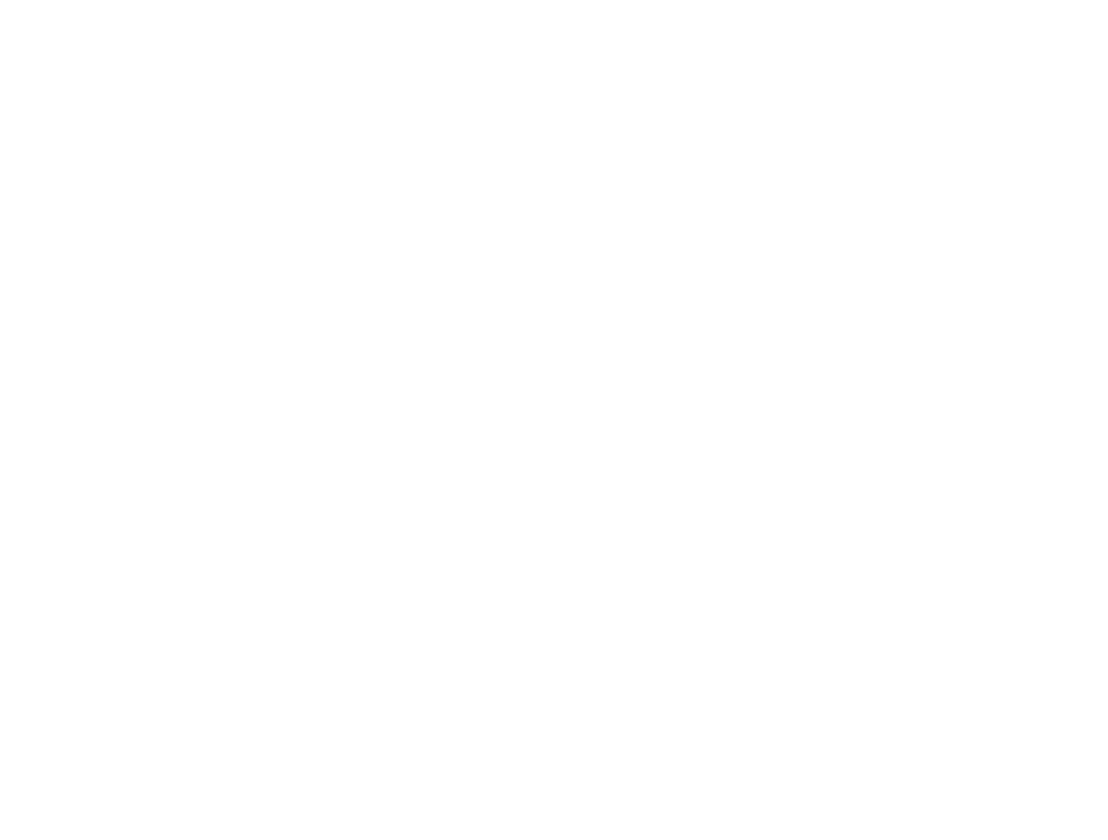 Image resolution: width=1108 pixels, height=840 pixels. I want to click on 'We have so many experiences for you and to make sure your vacation is unforgetable. Be sure to check out all the options we have available.', so click(914, 792).